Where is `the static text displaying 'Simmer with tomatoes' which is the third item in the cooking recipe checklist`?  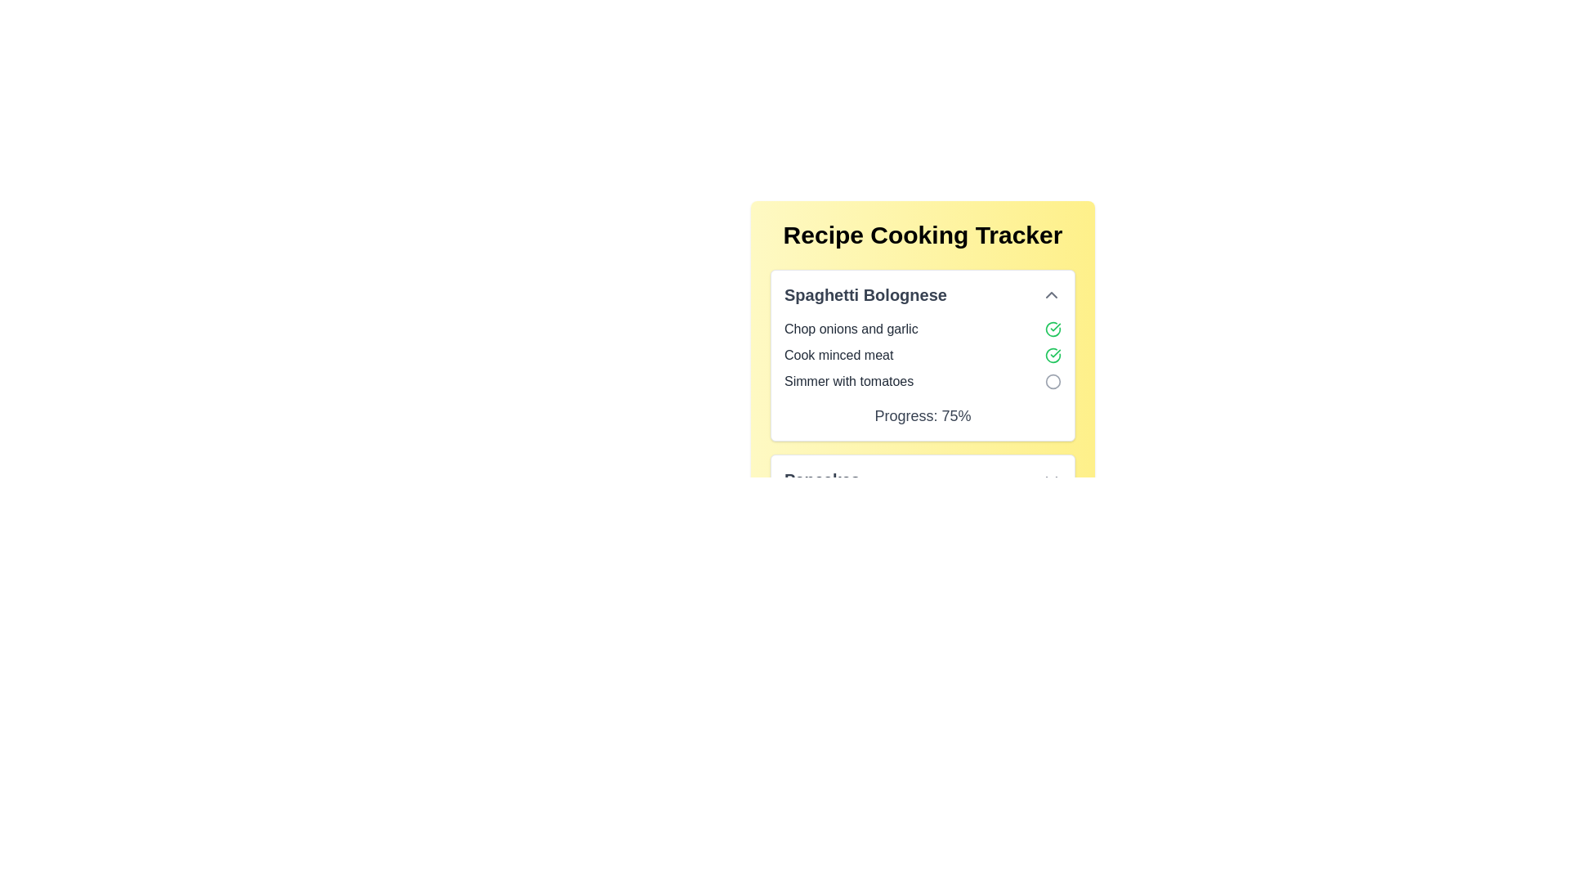 the static text displaying 'Simmer with tomatoes' which is the third item in the cooking recipe checklist is located at coordinates (849, 381).